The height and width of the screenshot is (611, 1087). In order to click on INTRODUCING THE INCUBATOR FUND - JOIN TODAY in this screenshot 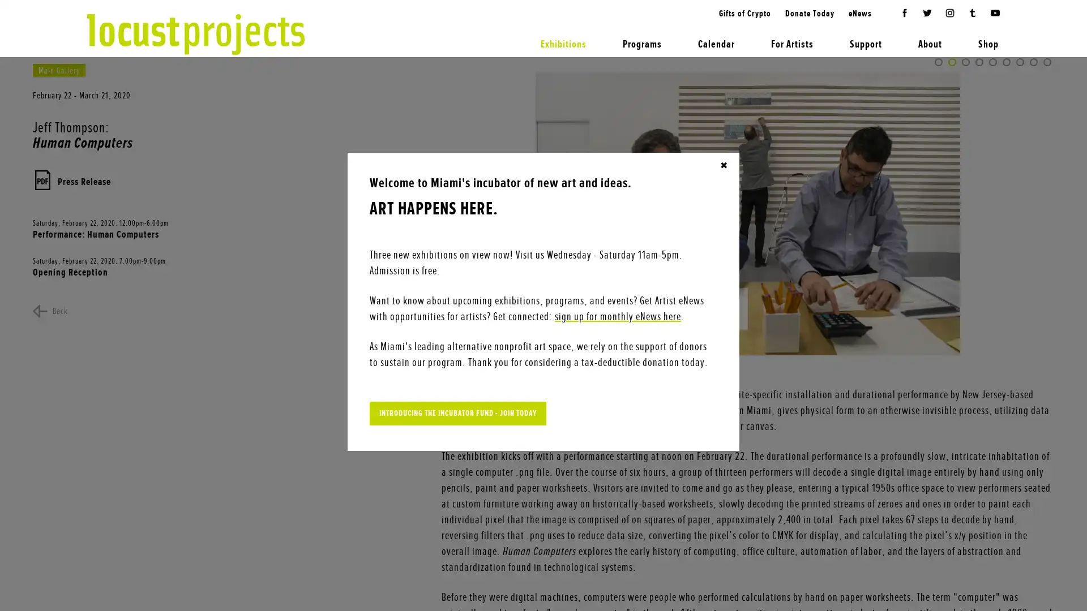, I will do `click(457, 413)`.